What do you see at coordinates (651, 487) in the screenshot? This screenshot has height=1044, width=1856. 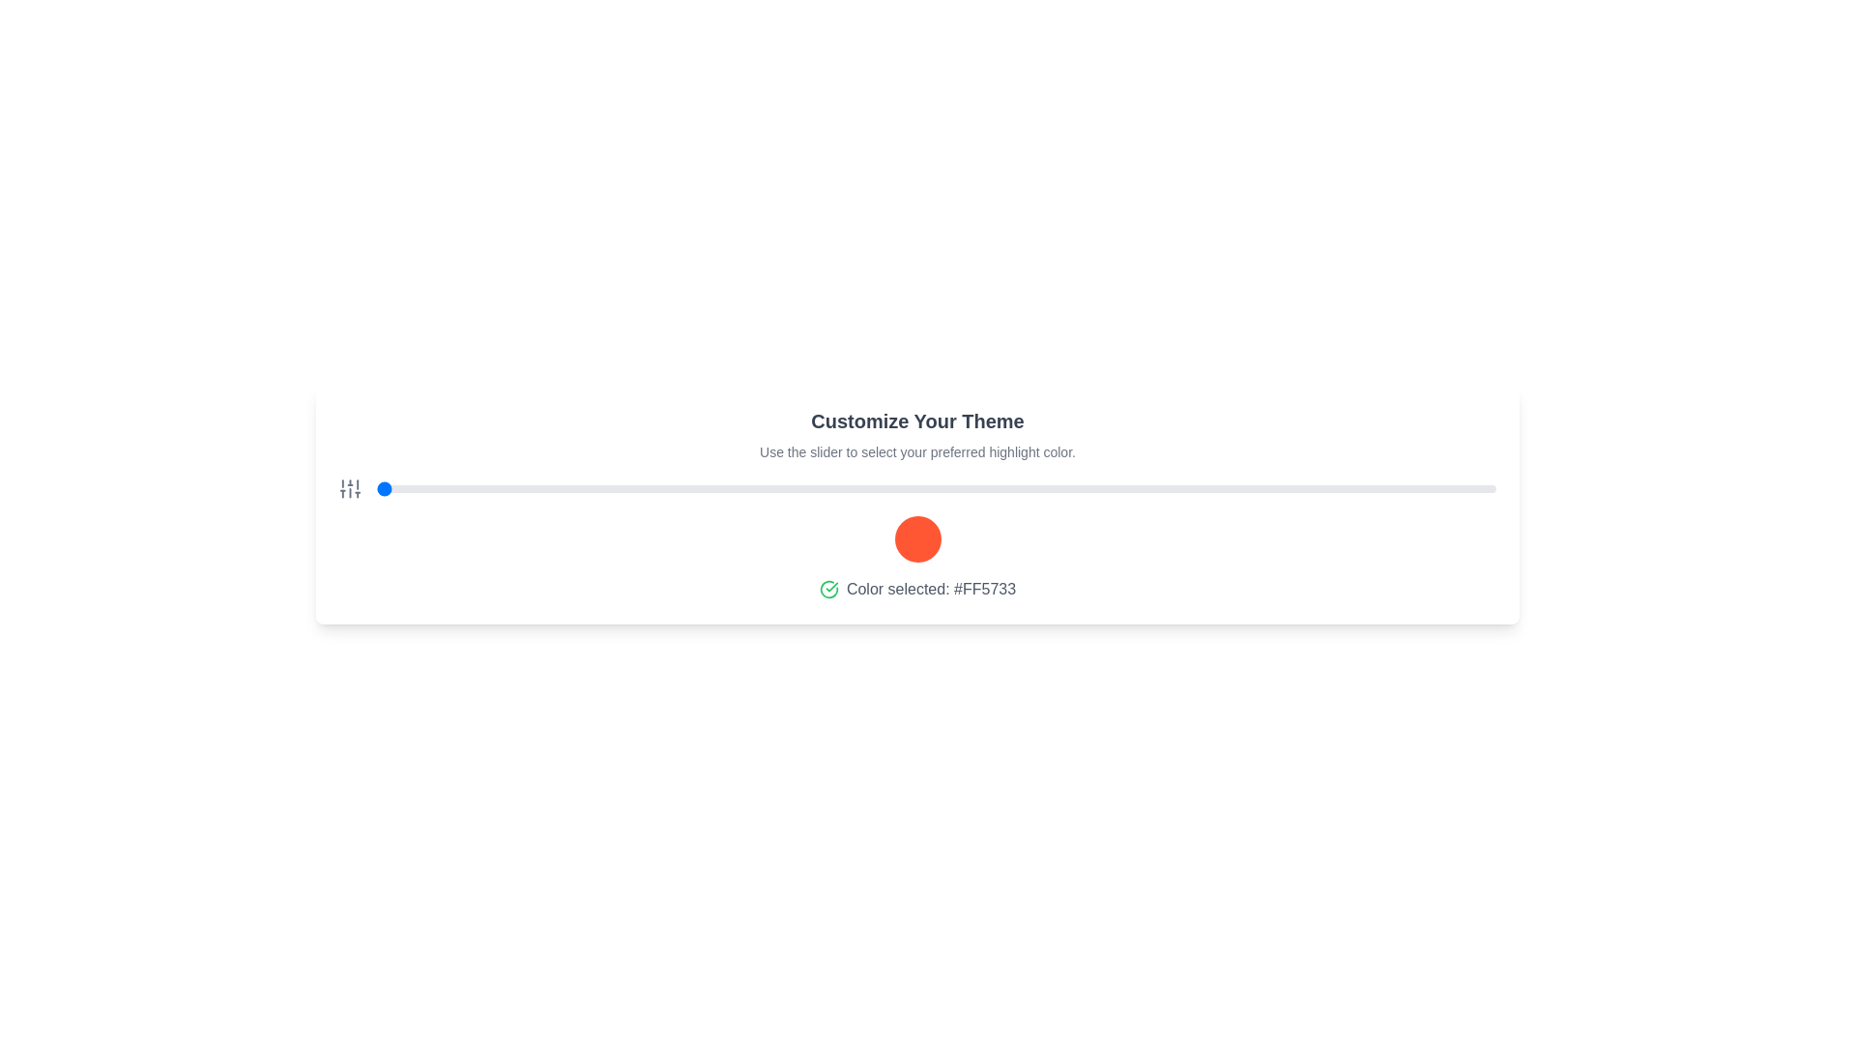 I see `the slider value` at bounding box center [651, 487].